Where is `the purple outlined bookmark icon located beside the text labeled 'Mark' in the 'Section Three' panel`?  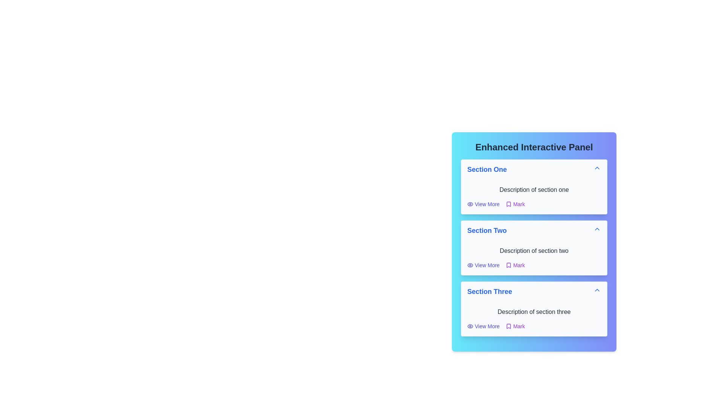
the purple outlined bookmark icon located beside the text labeled 'Mark' in the 'Section Three' panel is located at coordinates (508, 326).